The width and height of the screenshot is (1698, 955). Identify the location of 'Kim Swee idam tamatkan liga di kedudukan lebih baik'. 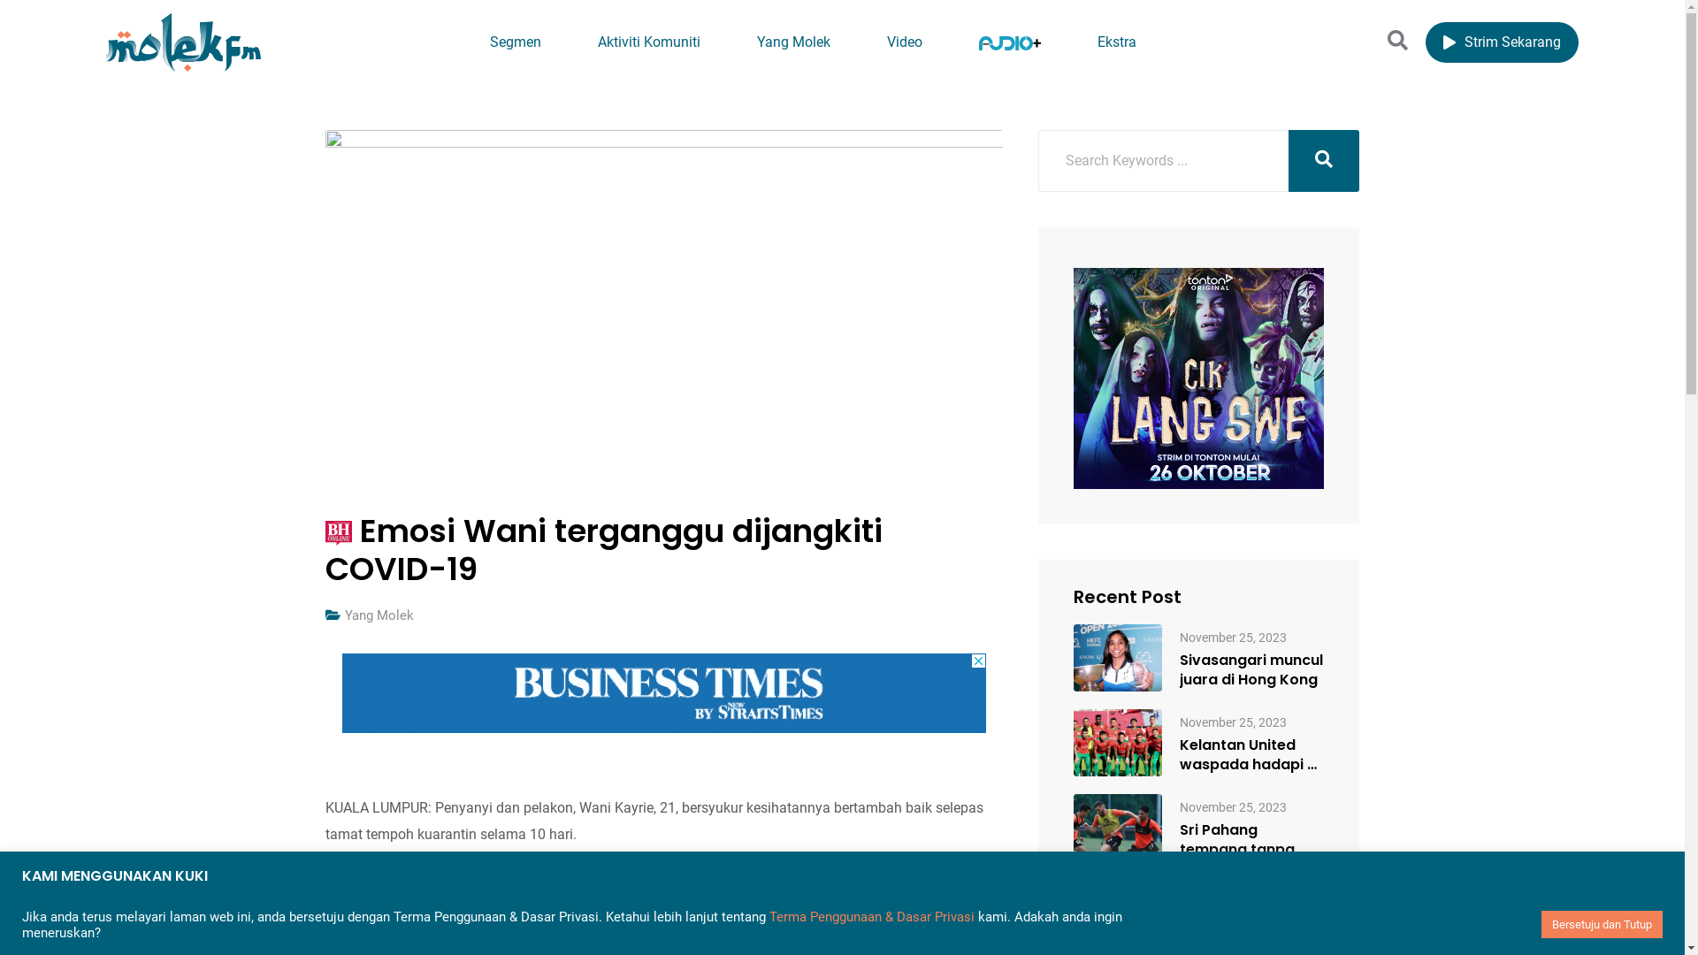
(1251, 923).